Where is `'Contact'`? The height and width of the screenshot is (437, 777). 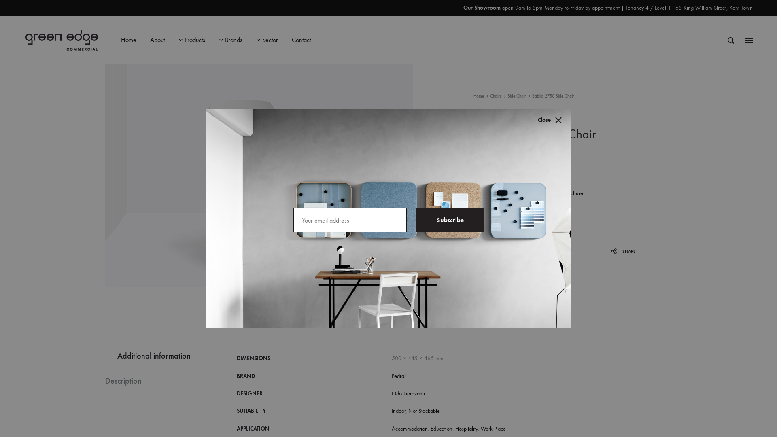 'Contact' is located at coordinates (301, 40).